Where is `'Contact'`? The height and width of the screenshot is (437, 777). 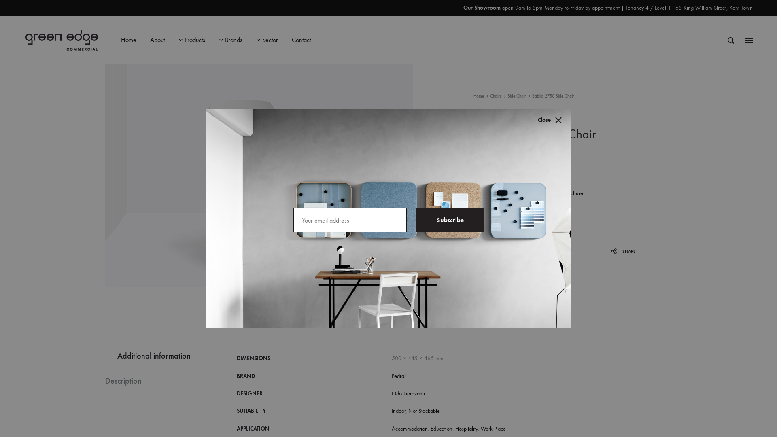 'Contact' is located at coordinates (301, 40).